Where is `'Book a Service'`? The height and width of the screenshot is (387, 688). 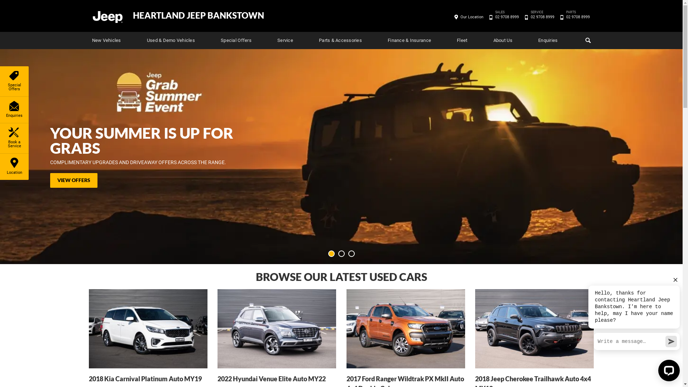 'Book a Service' is located at coordinates (14, 138).